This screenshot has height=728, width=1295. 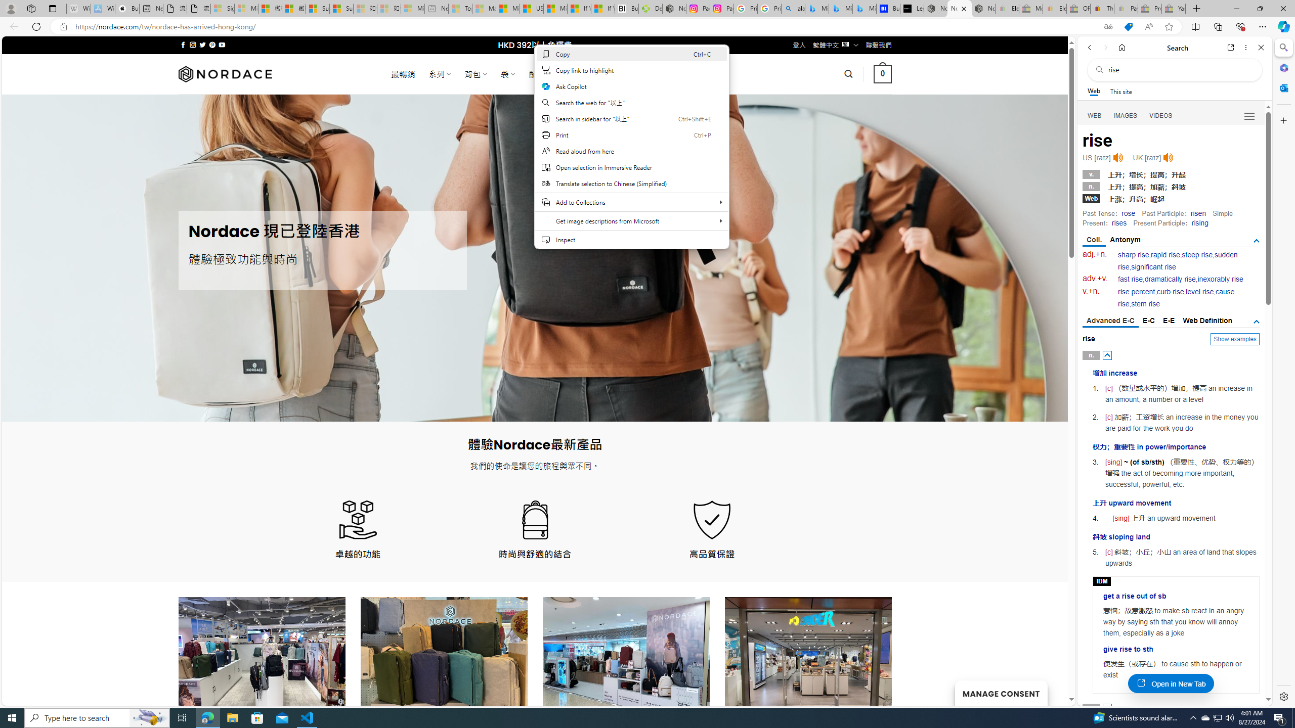 What do you see at coordinates (1177, 261) in the screenshot?
I see `'sudden rise'` at bounding box center [1177, 261].